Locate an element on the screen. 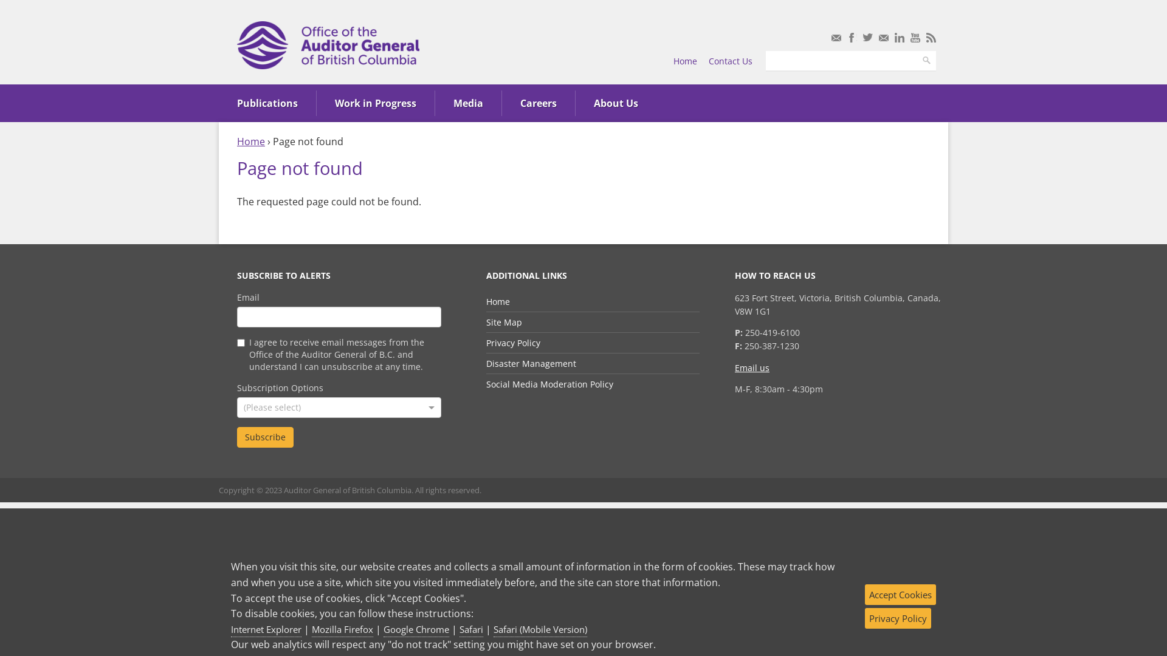 Image resolution: width=1167 pixels, height=656 pixels. 'Search' is located at coordinates (916, 61).